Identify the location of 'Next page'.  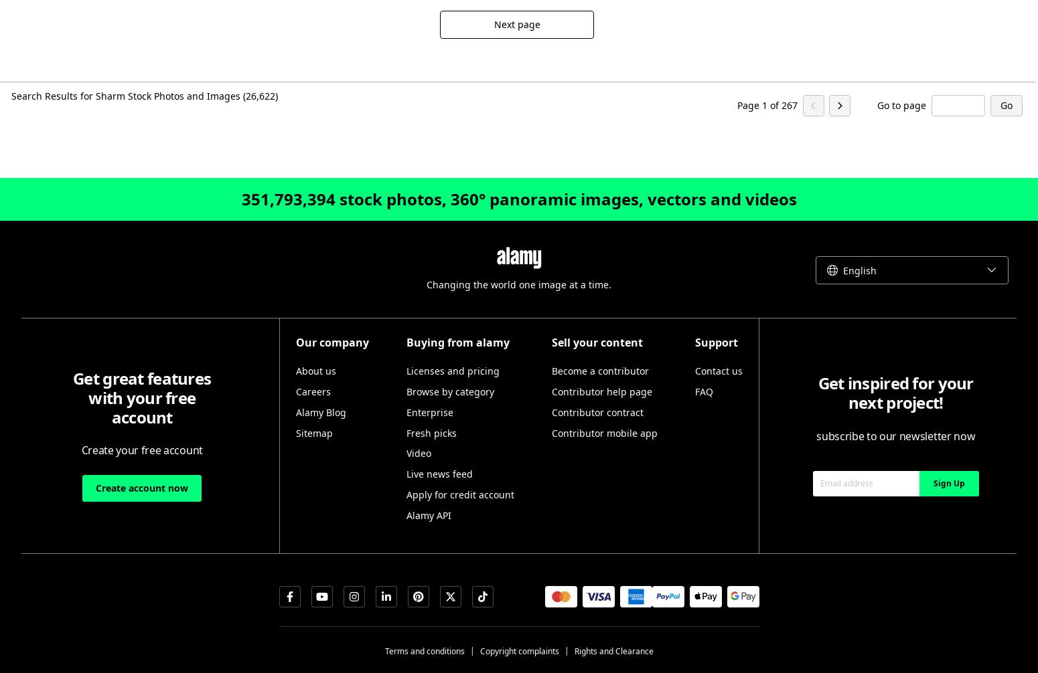
(516, 24).